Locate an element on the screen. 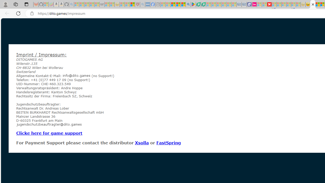 This screenshot has width=325, height=183. 'Cheap Hotels - Save70.com - Sleeping' is located at coordinates (244, 4).